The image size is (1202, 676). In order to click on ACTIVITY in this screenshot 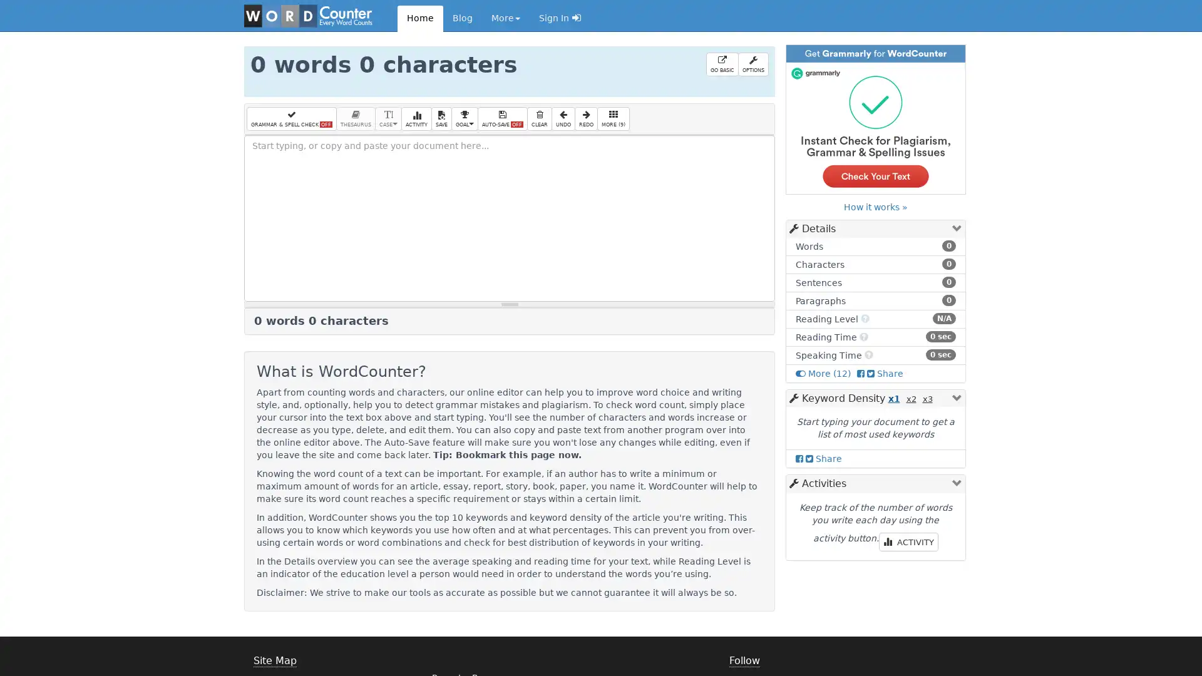, I will do `click(908, 541)`.